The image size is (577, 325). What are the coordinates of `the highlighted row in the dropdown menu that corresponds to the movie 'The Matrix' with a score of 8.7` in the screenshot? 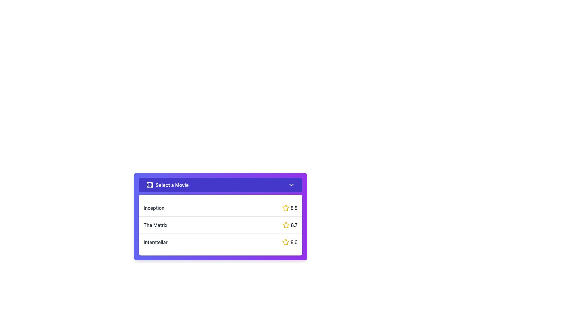 It's located at (220, 225).